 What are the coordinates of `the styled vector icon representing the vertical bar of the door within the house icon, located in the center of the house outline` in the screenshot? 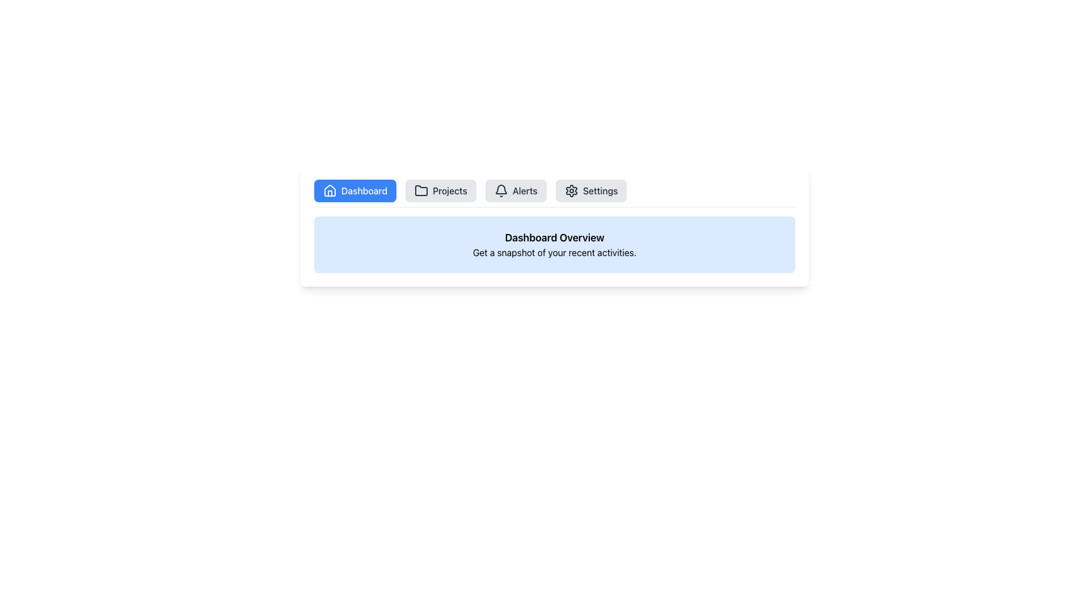 It's located at (329, 193).